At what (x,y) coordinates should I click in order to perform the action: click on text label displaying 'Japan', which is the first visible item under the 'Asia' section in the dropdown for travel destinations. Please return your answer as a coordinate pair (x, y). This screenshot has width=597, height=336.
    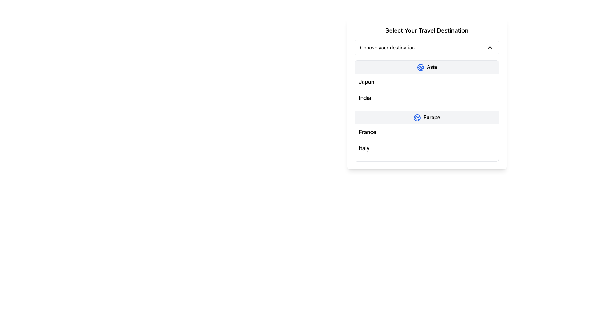
    Looking at the image, I should click on (366, 81).